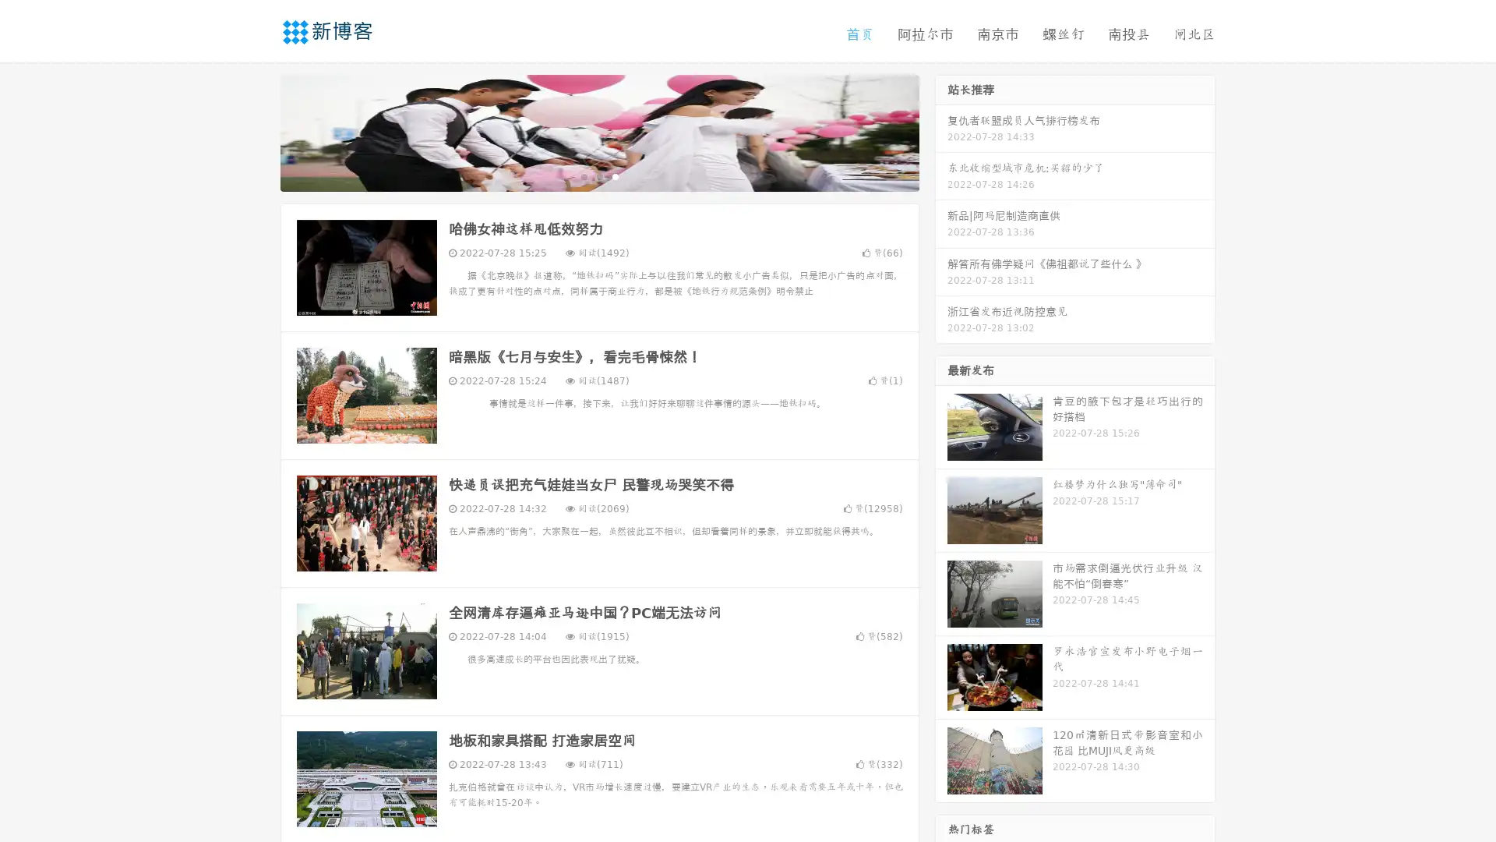 The height and width of the screenshot is (842, 1496). I want to click on Go to slide 3, so click(615, 175).